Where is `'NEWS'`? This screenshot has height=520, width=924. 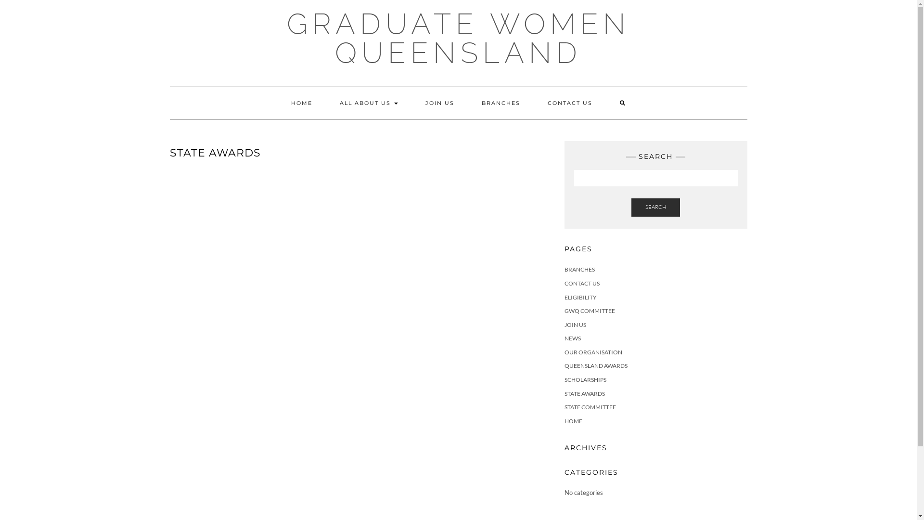 'NEWS' is located at coordinates (572, 338).